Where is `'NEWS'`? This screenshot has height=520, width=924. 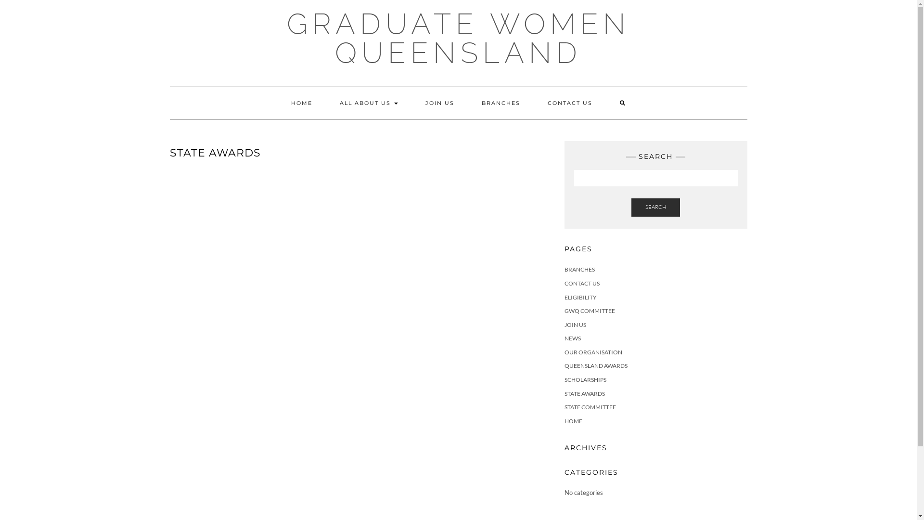 'NEWS' is located at coordinates (572, 338).